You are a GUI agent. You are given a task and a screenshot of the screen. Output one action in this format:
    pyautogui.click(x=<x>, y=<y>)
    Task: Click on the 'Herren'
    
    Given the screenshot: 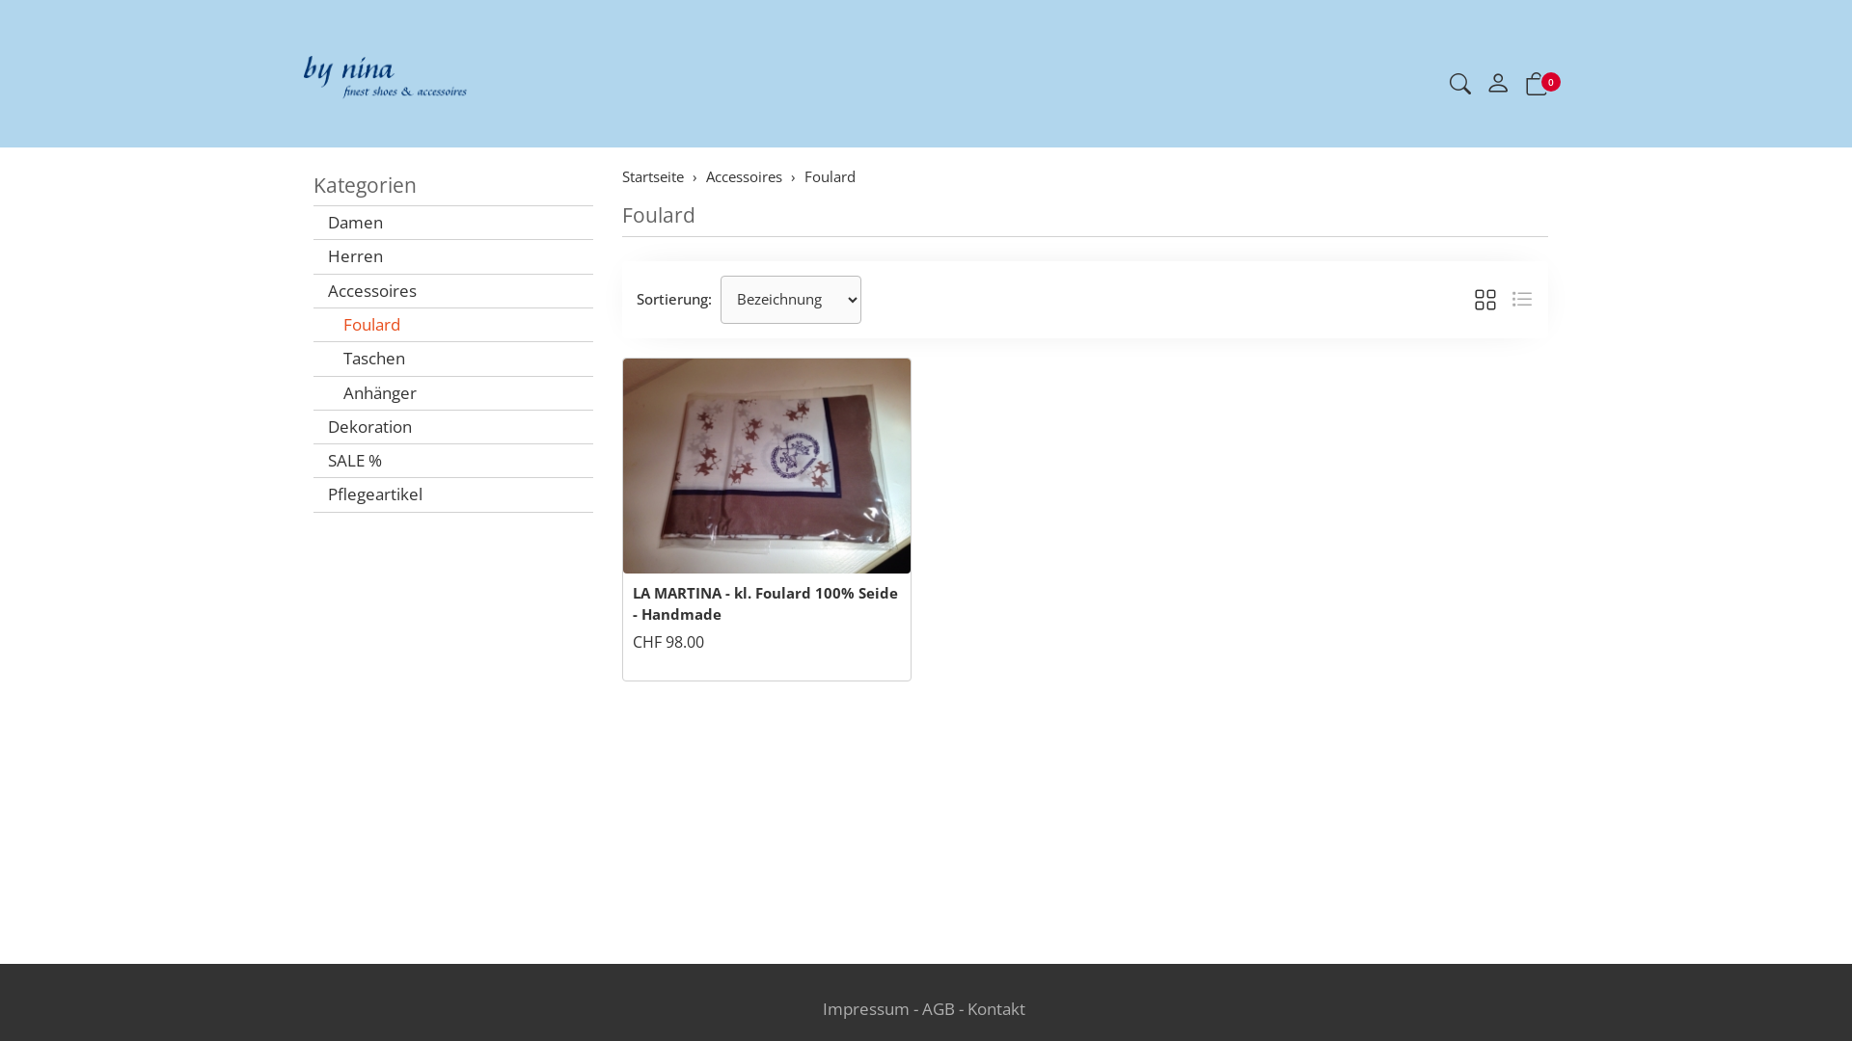 What is the action you would take?
    pyautogui.click(x=452, y=255)
    